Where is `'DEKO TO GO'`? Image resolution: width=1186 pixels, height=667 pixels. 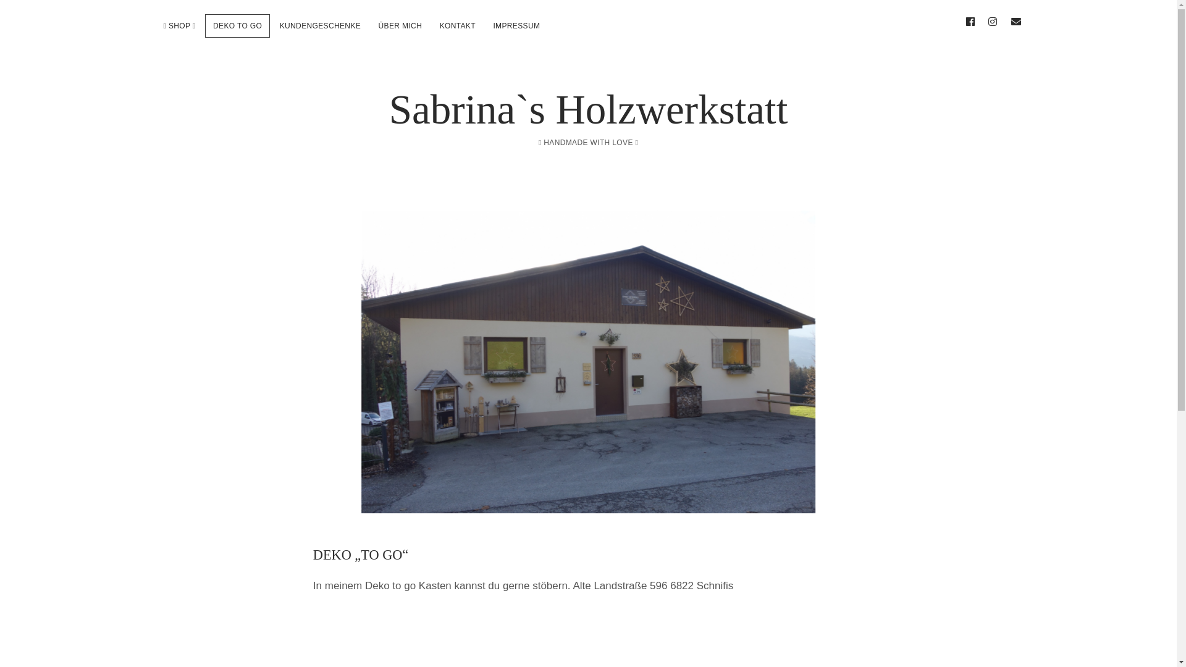
'DEKO TO GO' is located at coordinates (237, 26).